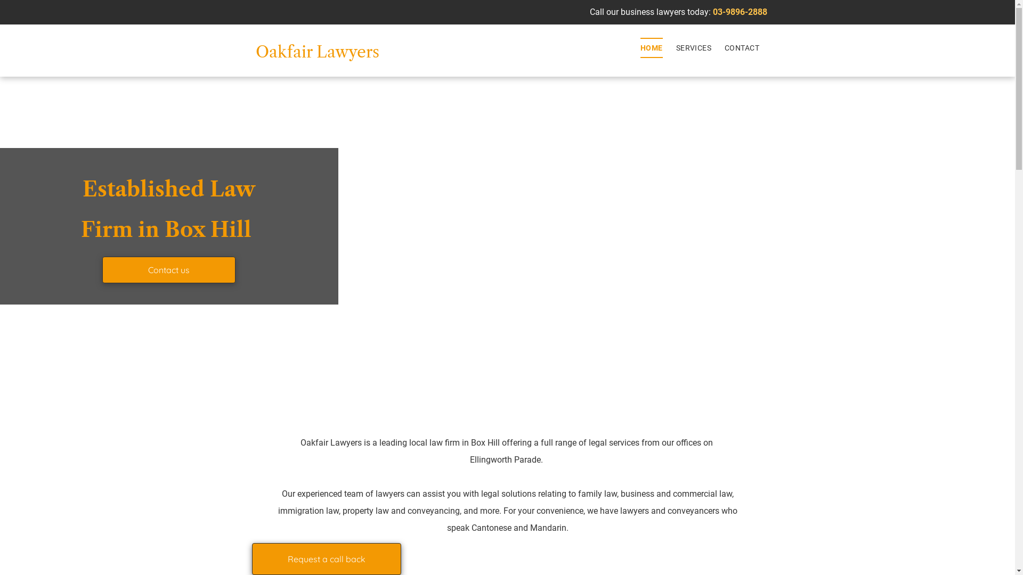  What do you see at coordinates (739, 12) in the screenshot?
I see `'03-9896-2888'` at bounding box center [739, 12].